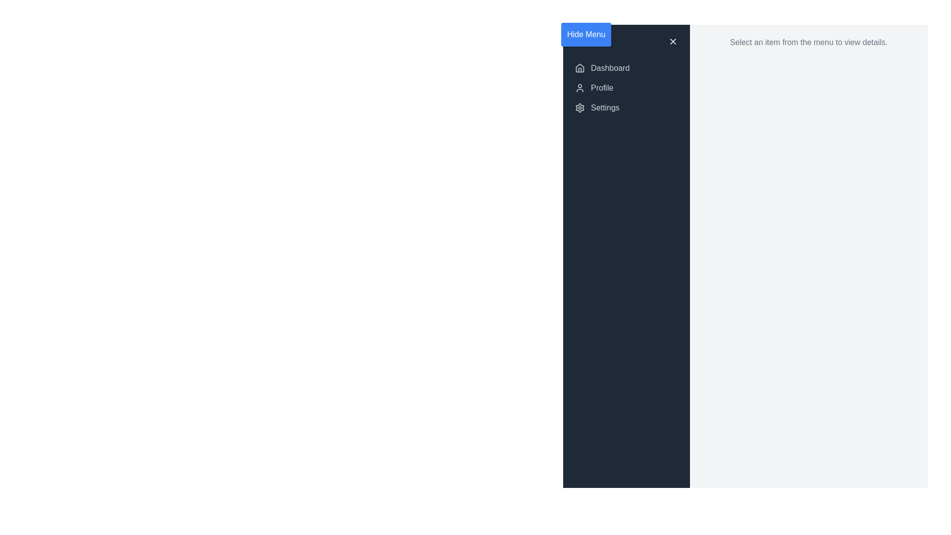 The height and width of the screenshot is (535, 951). What do you see at coordinates (610, 68) in the screenshot?
I see `the menu item labeled 'Dashboard' located at the top of the vertical menu in the sidebar section` at bounding box center [610, 68].